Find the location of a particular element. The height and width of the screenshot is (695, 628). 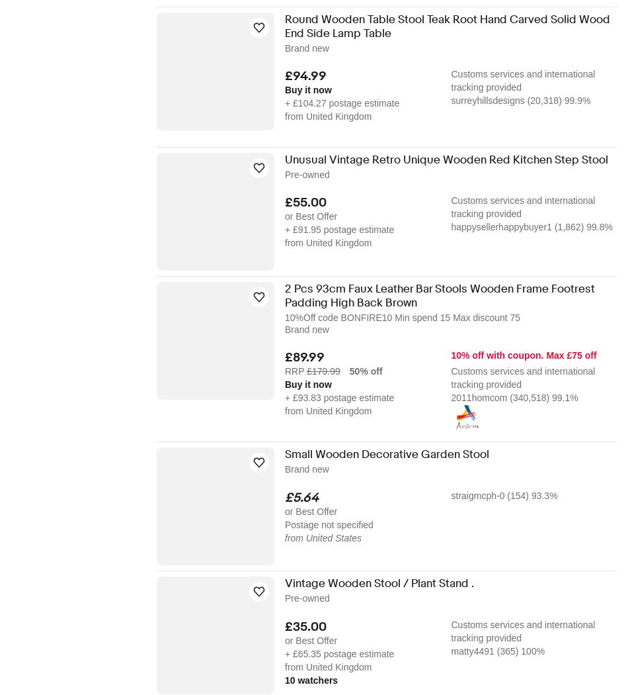

'+ £93.83 postage estimate' is located at coordinates (284, 398).